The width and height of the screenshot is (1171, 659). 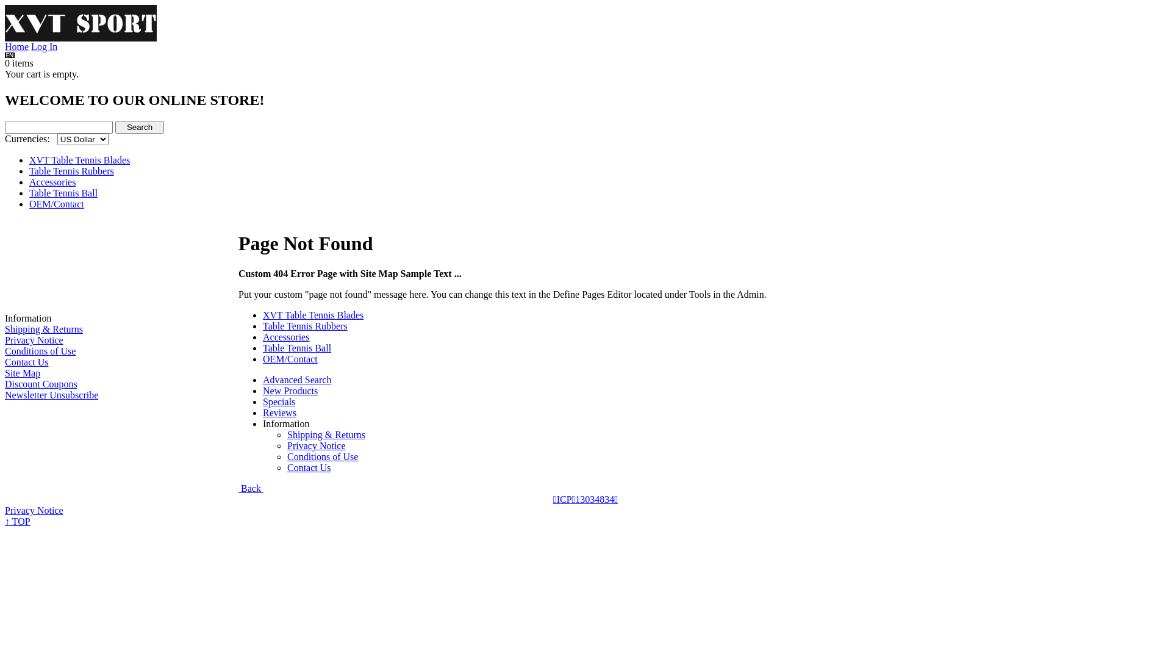 I want to click on 'Home', so click(x=5, y=46).